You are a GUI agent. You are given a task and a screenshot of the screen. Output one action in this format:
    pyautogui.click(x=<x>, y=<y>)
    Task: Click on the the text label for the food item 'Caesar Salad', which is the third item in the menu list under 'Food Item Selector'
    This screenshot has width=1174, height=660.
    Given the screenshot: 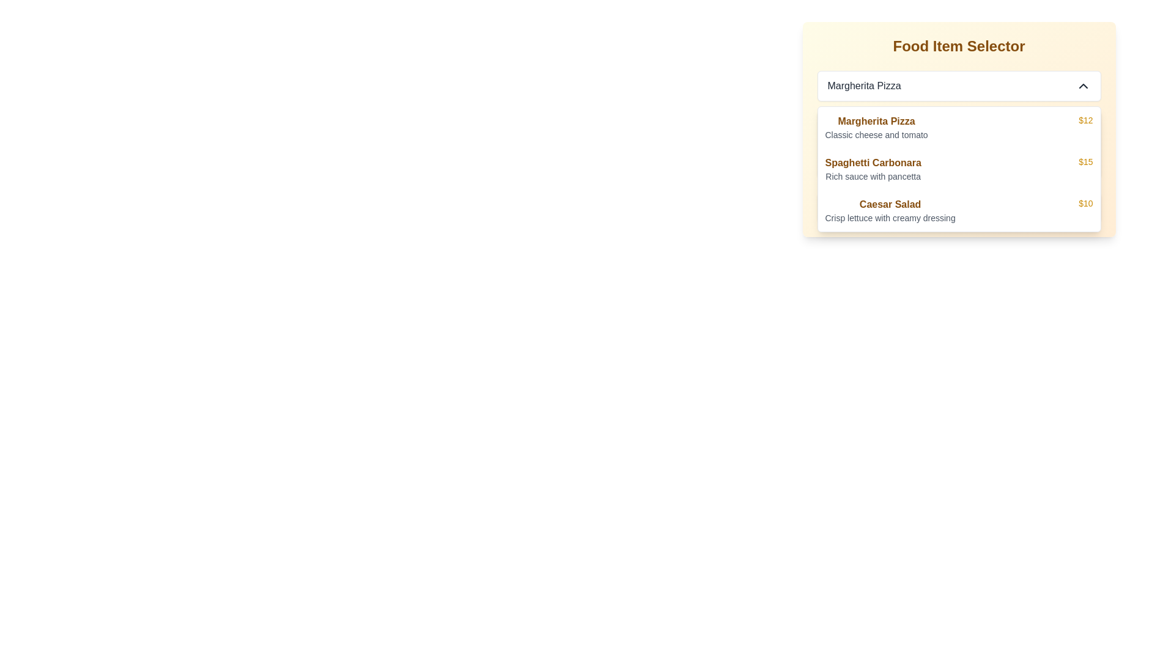 What is the action you would take?
    pyautogui.click(x=890, y=204)
    